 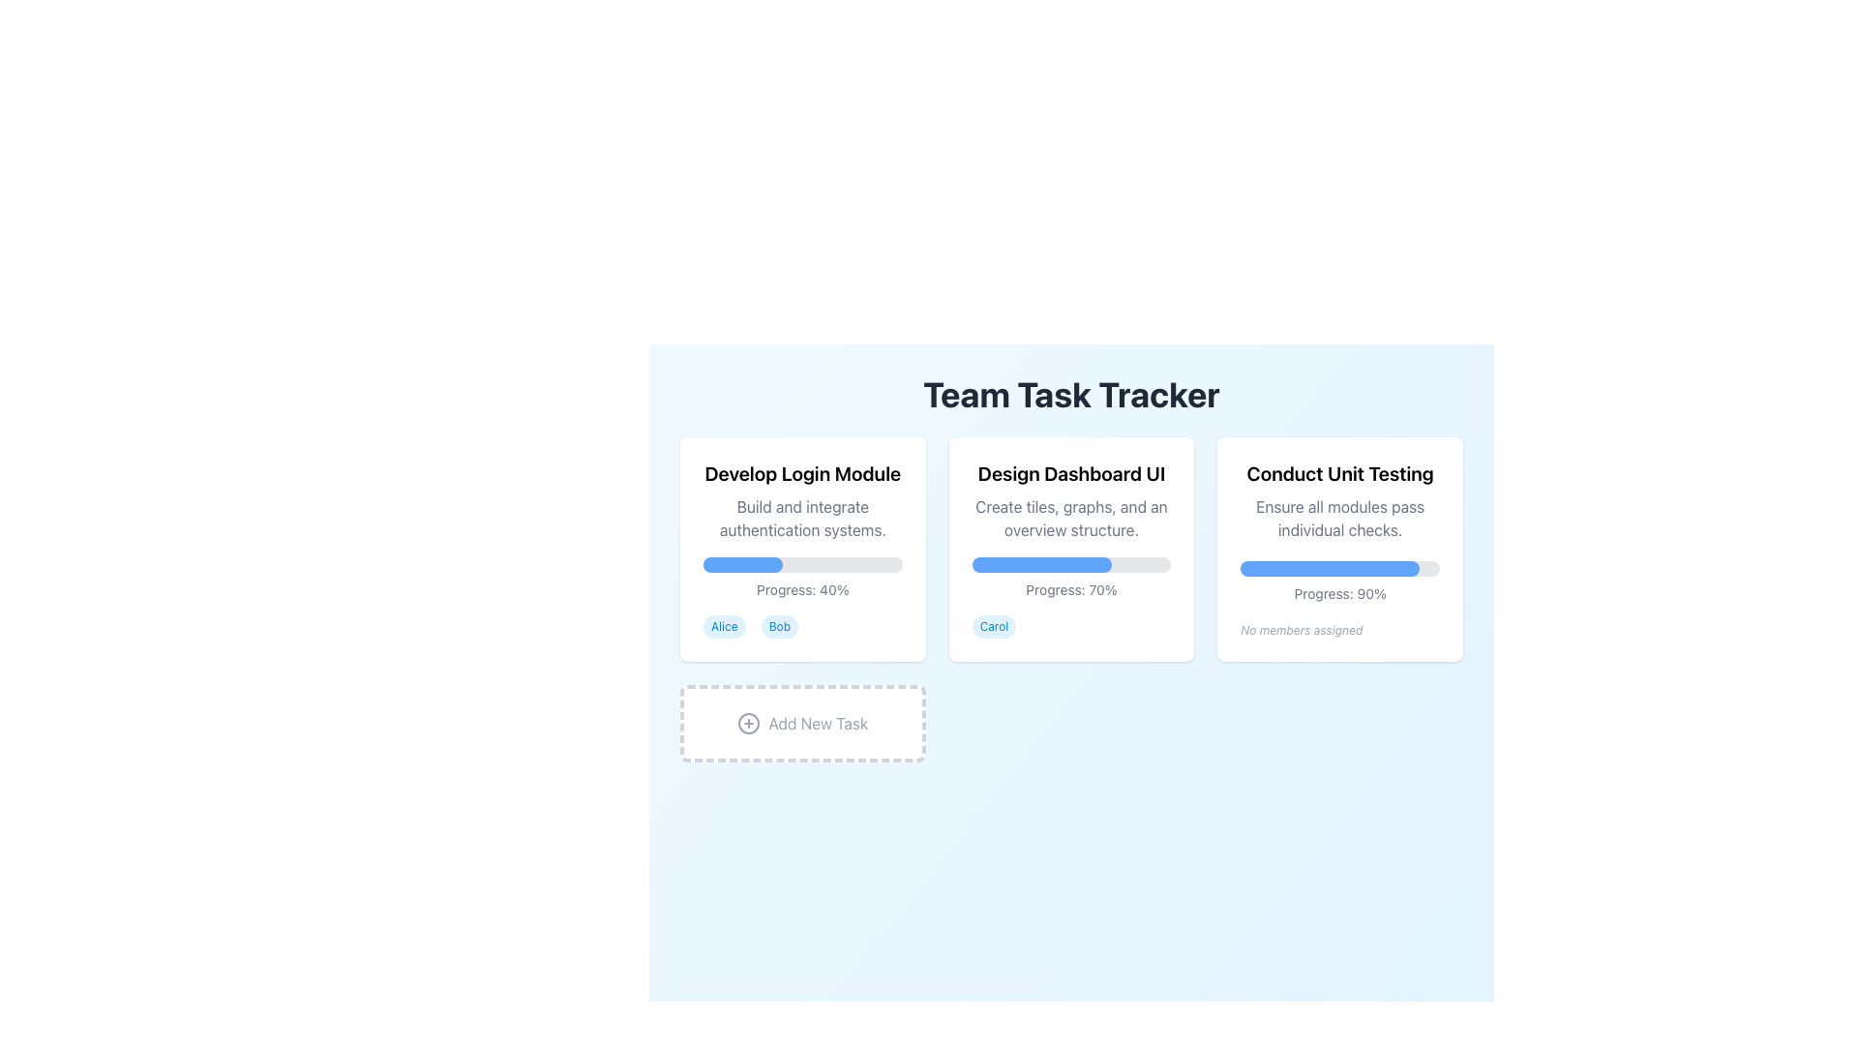 I want to click on the non-interactive text label indicating that no members have been assigned to the related task, located at the bottom of the 'Conduct Unit Testing' card, so click(x=1339, y=630).